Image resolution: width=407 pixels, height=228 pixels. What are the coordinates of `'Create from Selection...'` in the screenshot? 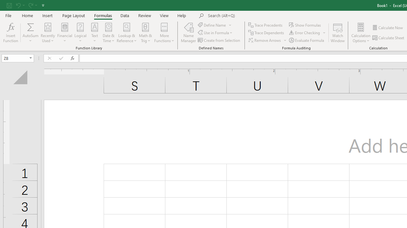 It's located at (219, 40).